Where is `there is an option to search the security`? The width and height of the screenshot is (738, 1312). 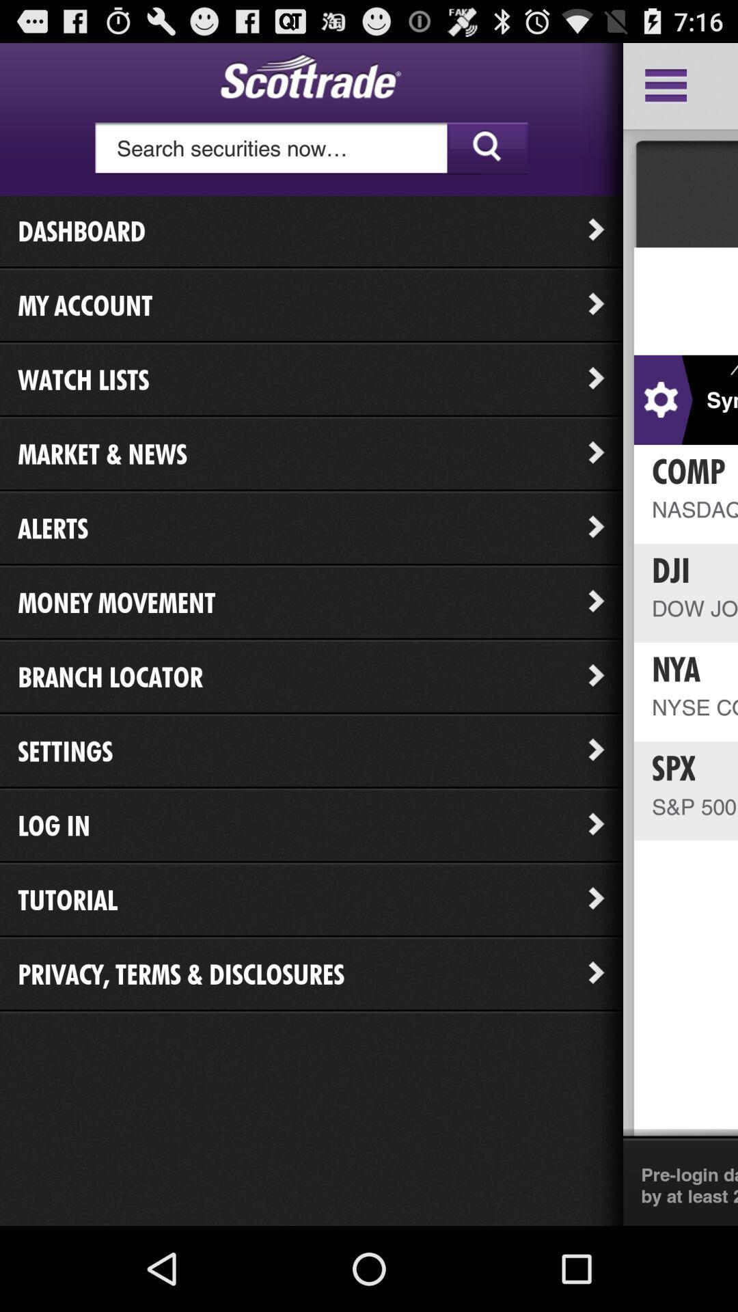 there is an option to search the security is located at coordinates (311, 148).